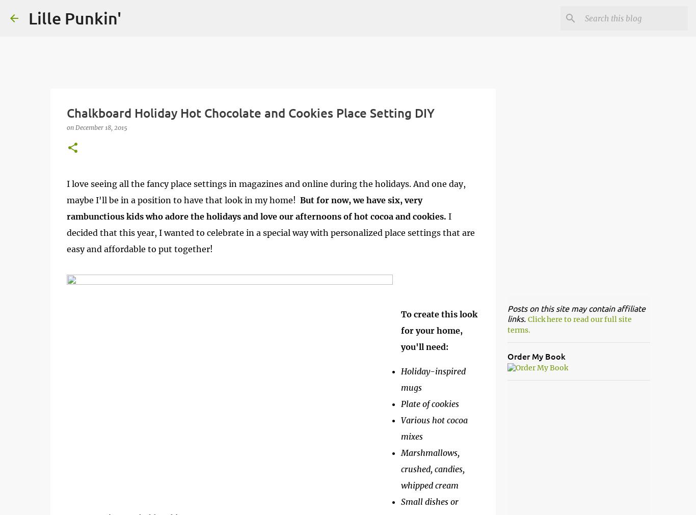 This screenshot has width=696, height=515. I want to click on 'Order My Book', so click(506, 356).